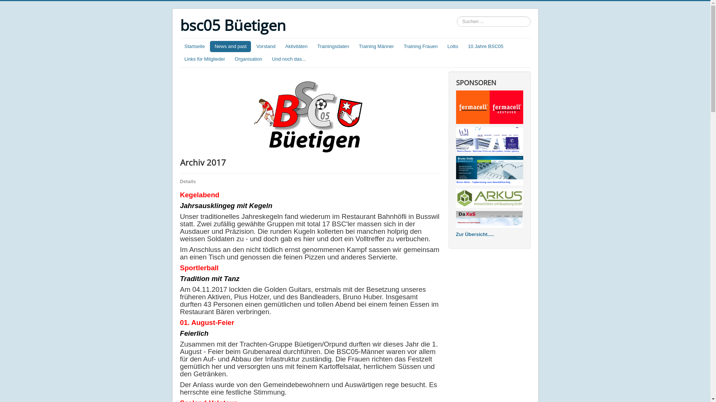  What do you see at coordinates (489, 197) in the screenshot?
I see `'Markus Burri - Bauen ohne Stress bis zum Schluss'` at bounding box center [489, 197].